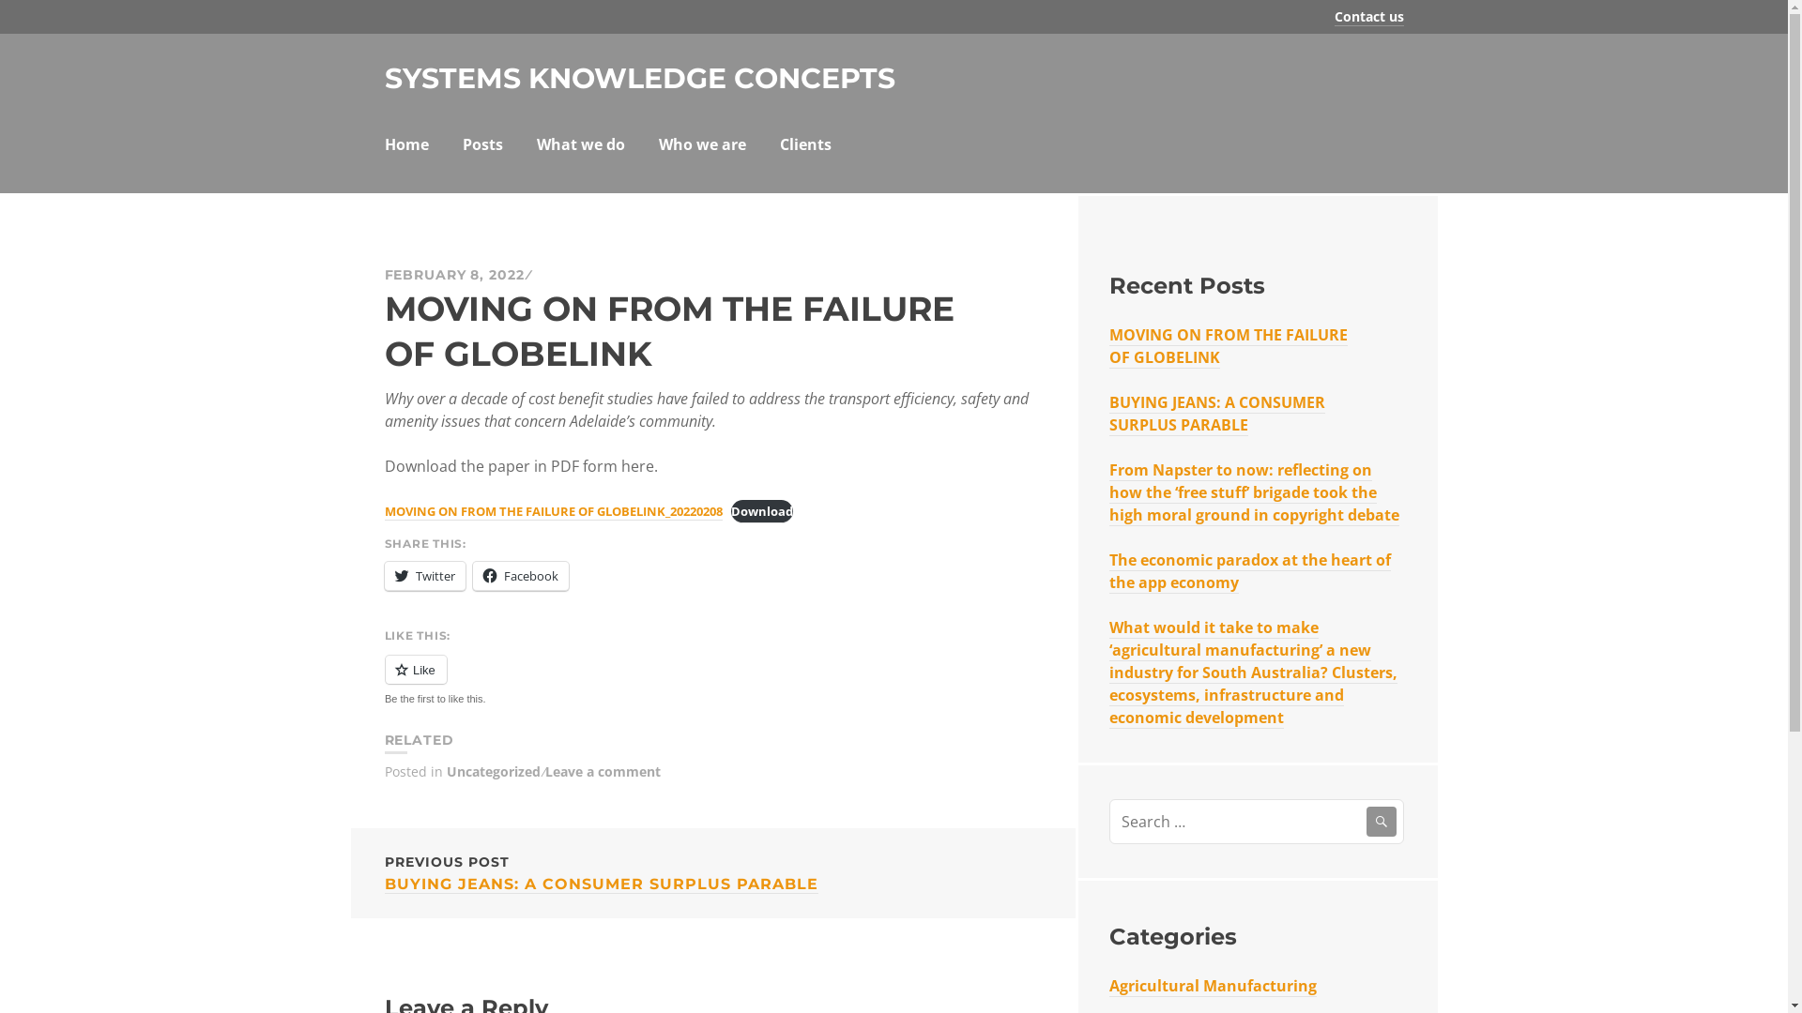 The image size is (1802, 1013). I want to click on 'MOVING ON FROM THE FAILURE OF GLOBELINK', so click(1229, 346).